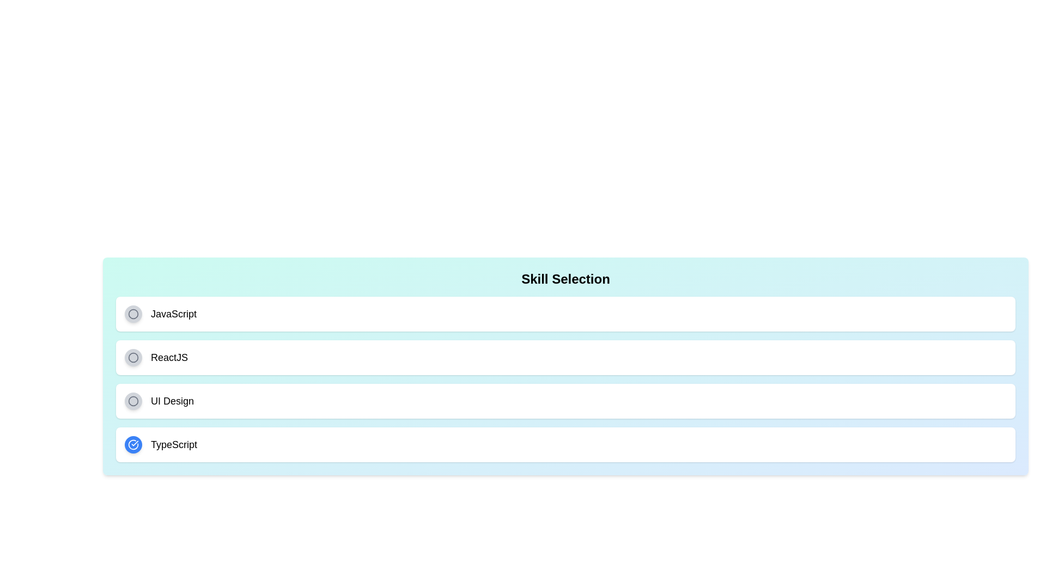 The height and width of the screenshot is (588, 1046). Describe the element at coordinates (565, 445) in the screenshot. I see `the skill item TypeScript` at that location.